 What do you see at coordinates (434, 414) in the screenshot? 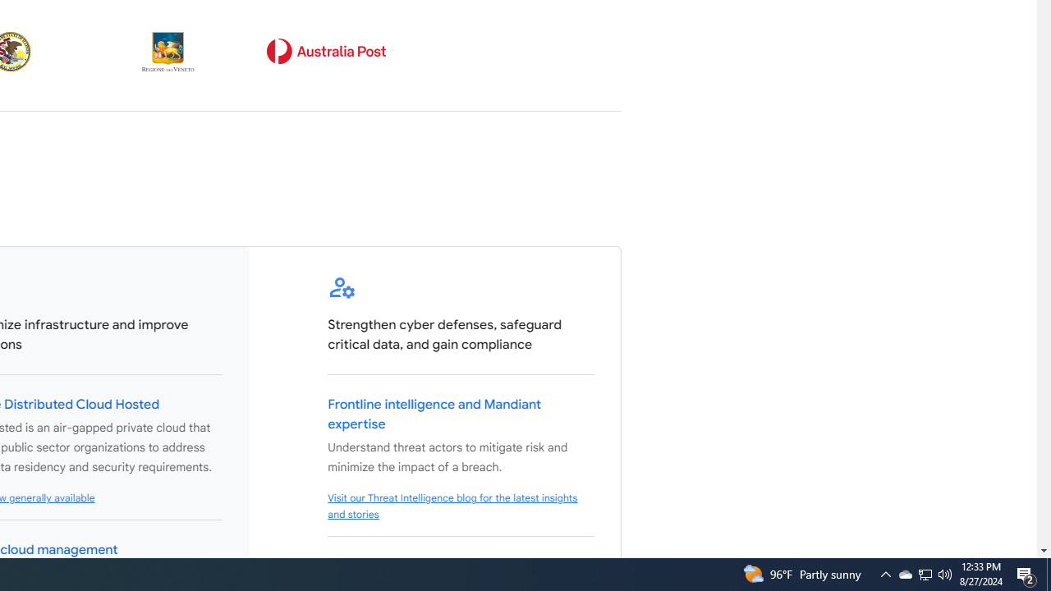
I see `'Frontline intelligence and Mandiant expertise'` at bounding box center [434, 414].